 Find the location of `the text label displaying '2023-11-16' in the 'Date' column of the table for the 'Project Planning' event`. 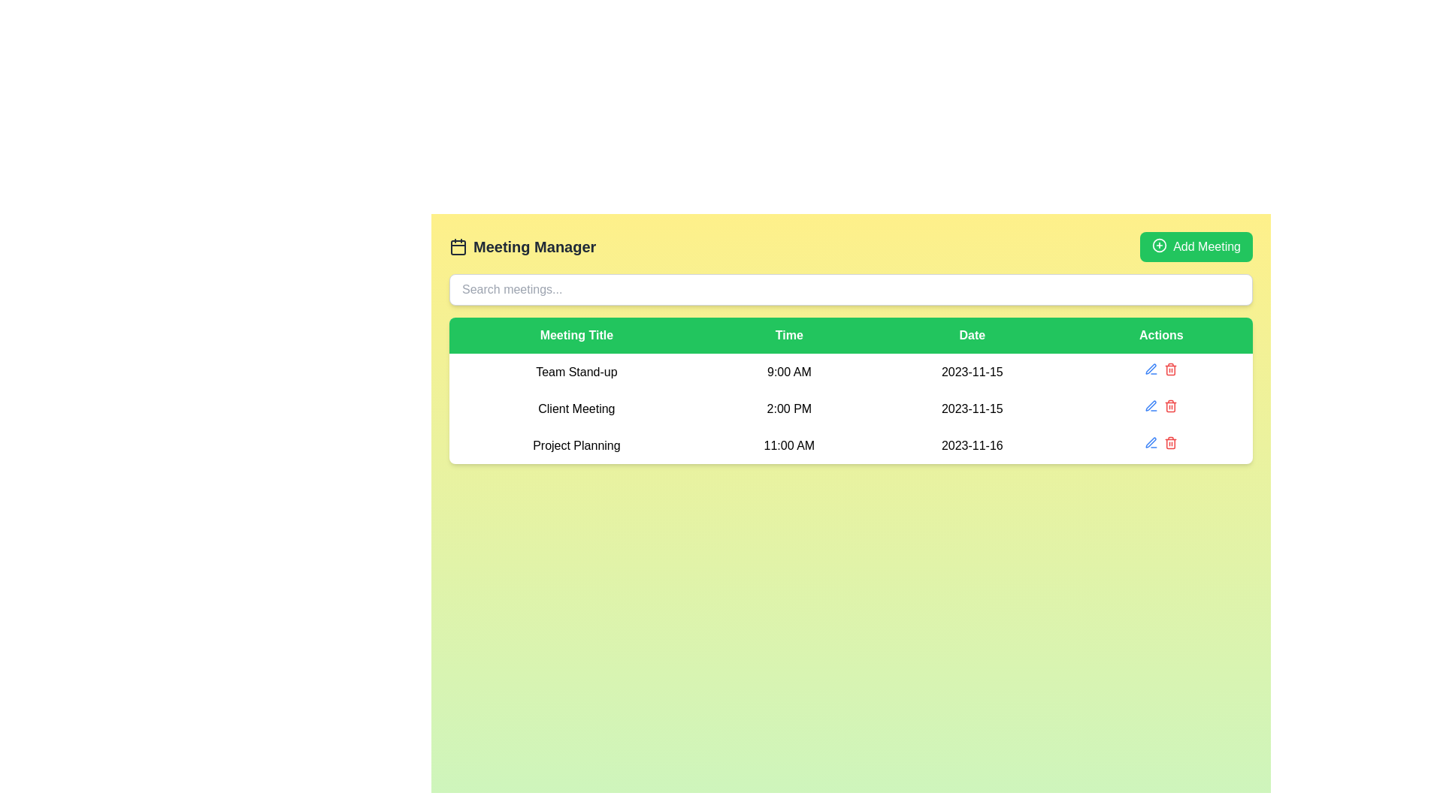

the text label displaying '2023-11-16' in the 'Date' column of the table for the 'Project Planning' event is located at coordinates (972, 445).